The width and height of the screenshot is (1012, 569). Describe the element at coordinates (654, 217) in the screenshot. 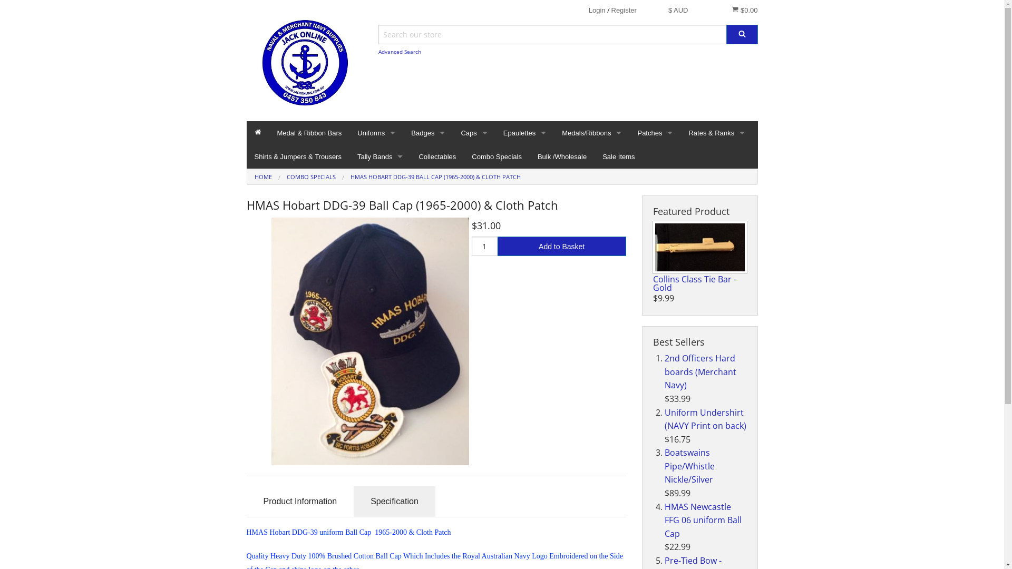

I see `'Collectable Patches'` at that location.